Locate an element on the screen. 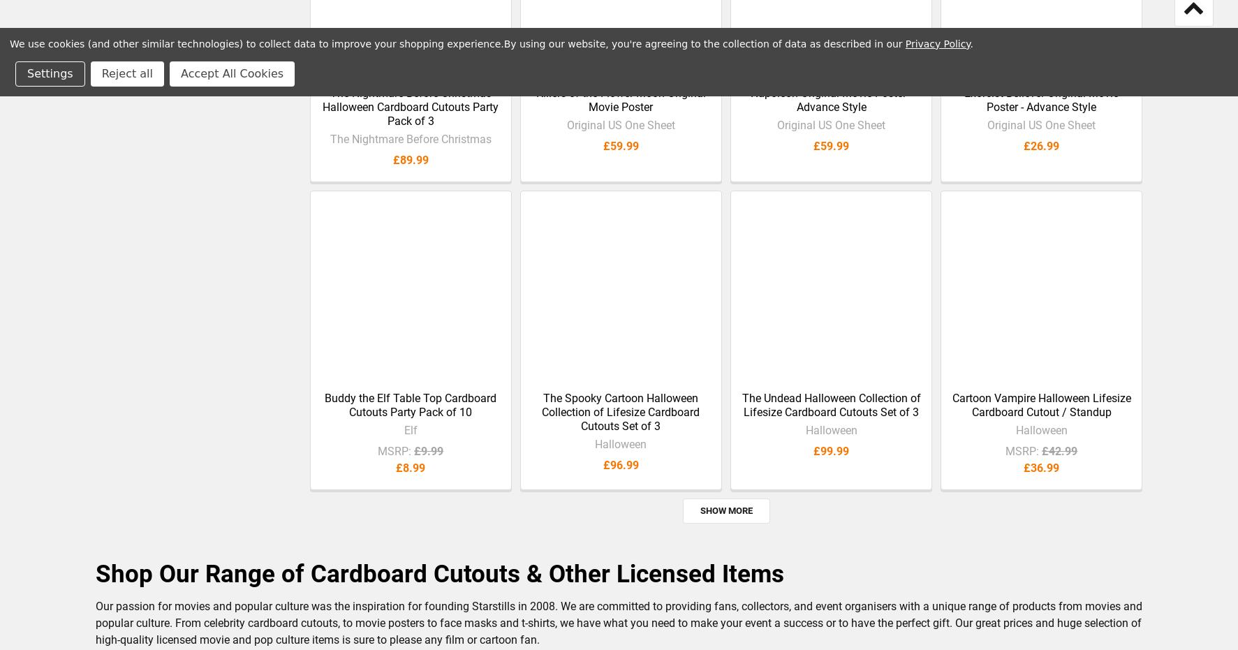 This screenshot has height=650, width=1238. 'Buddy the Elf Table Top Cardboard Cutouts Party Pack of 10' is located at coordinates (410, 415).